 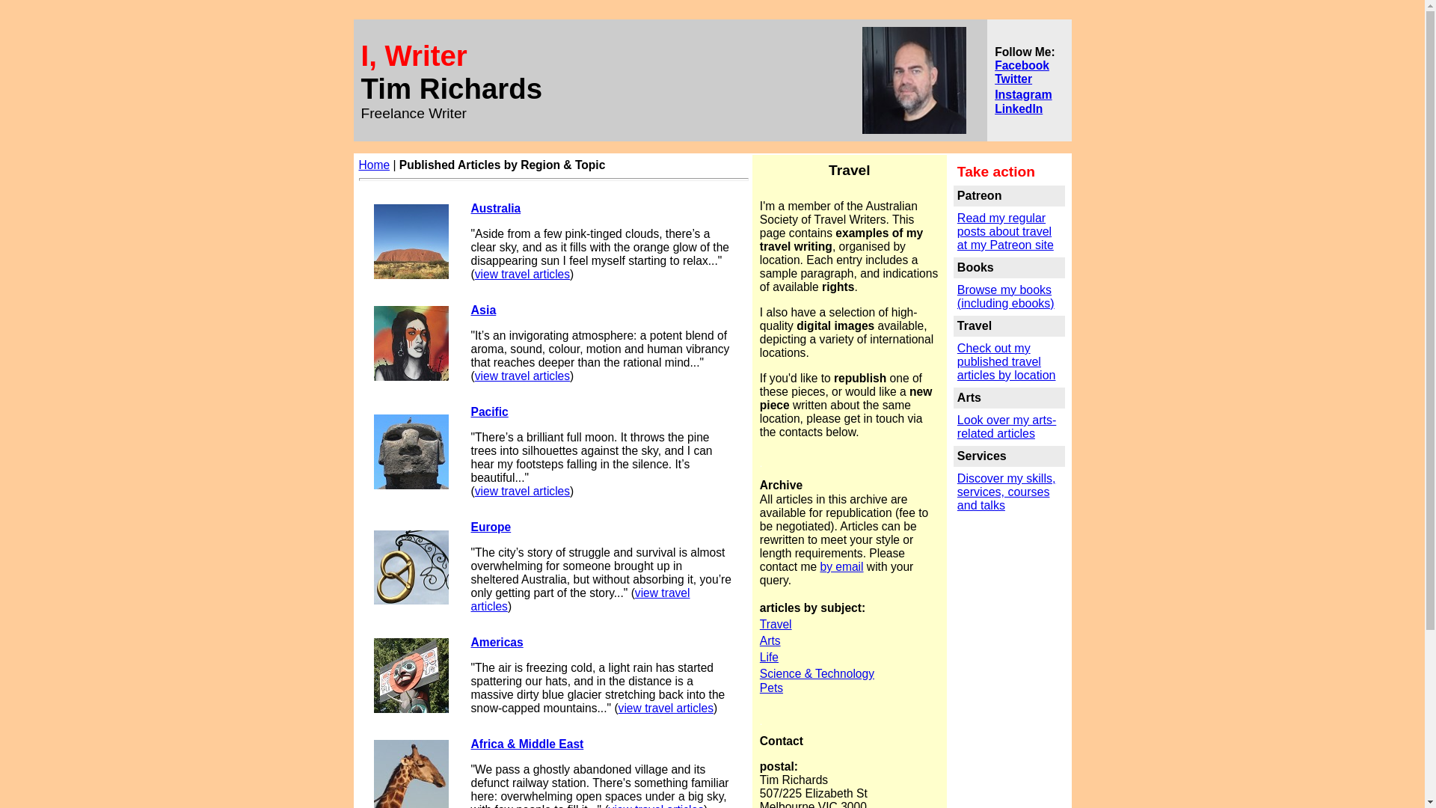 What do you see at coordinates (374, 165) in the screenshot?
I see `'Home'` at bounding box center [374, 165].